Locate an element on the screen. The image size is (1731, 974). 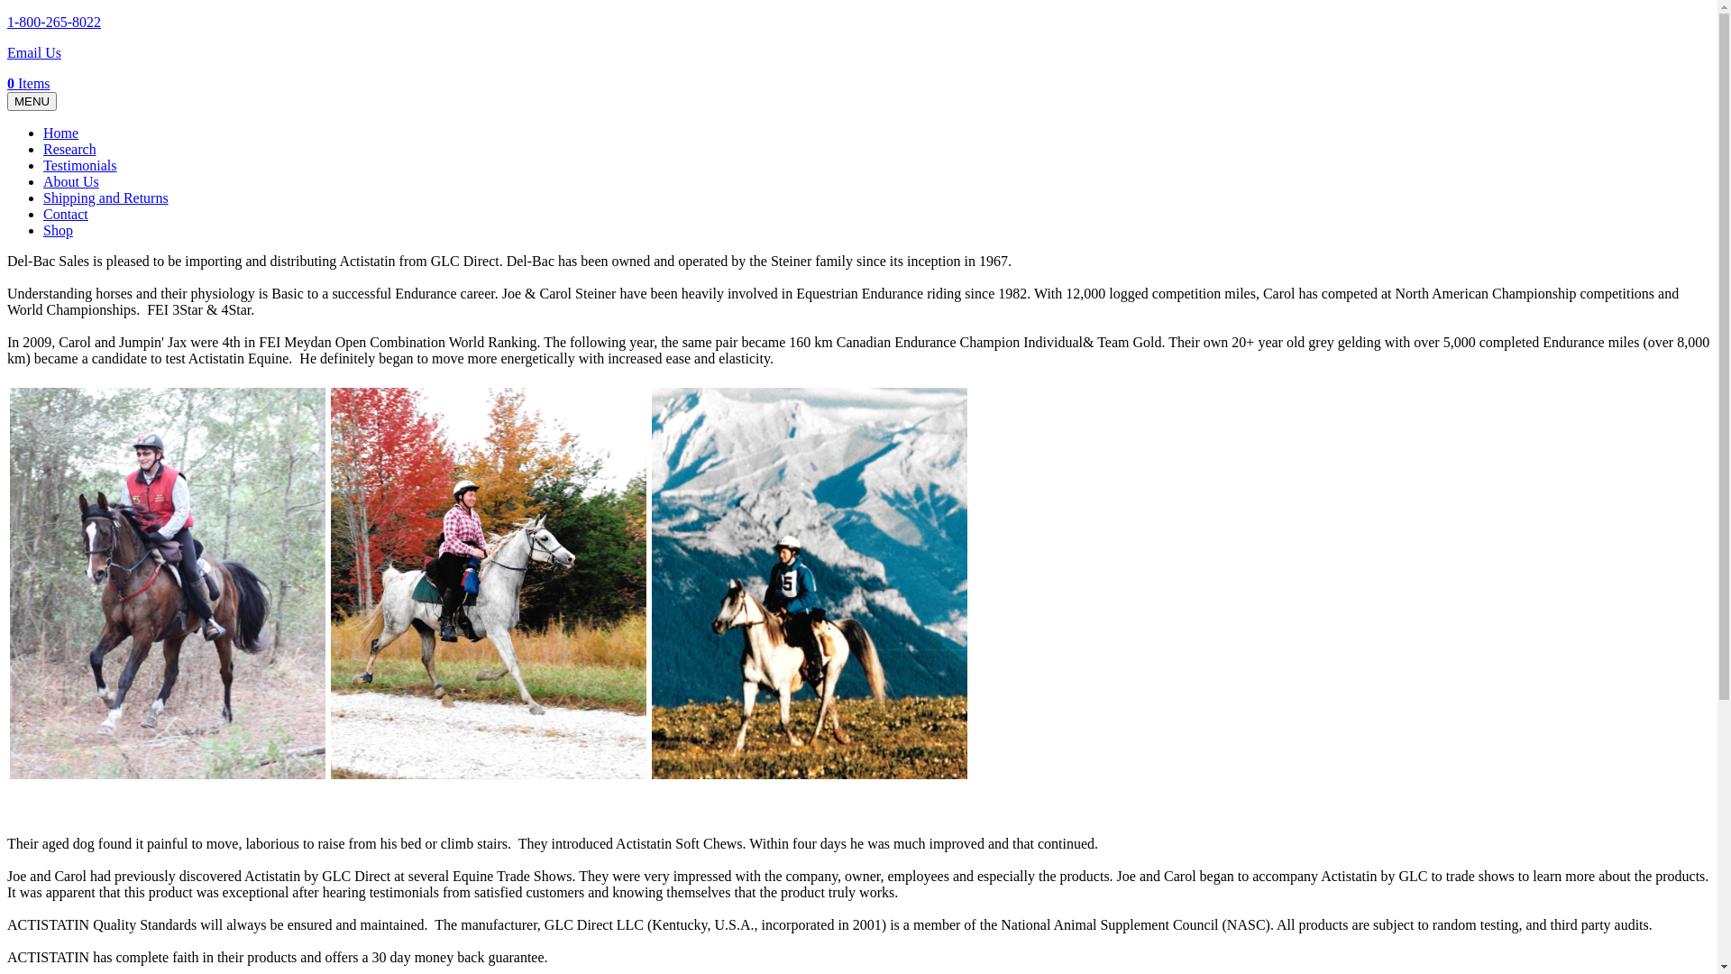
'Home' is located at coordinates (60, 132).